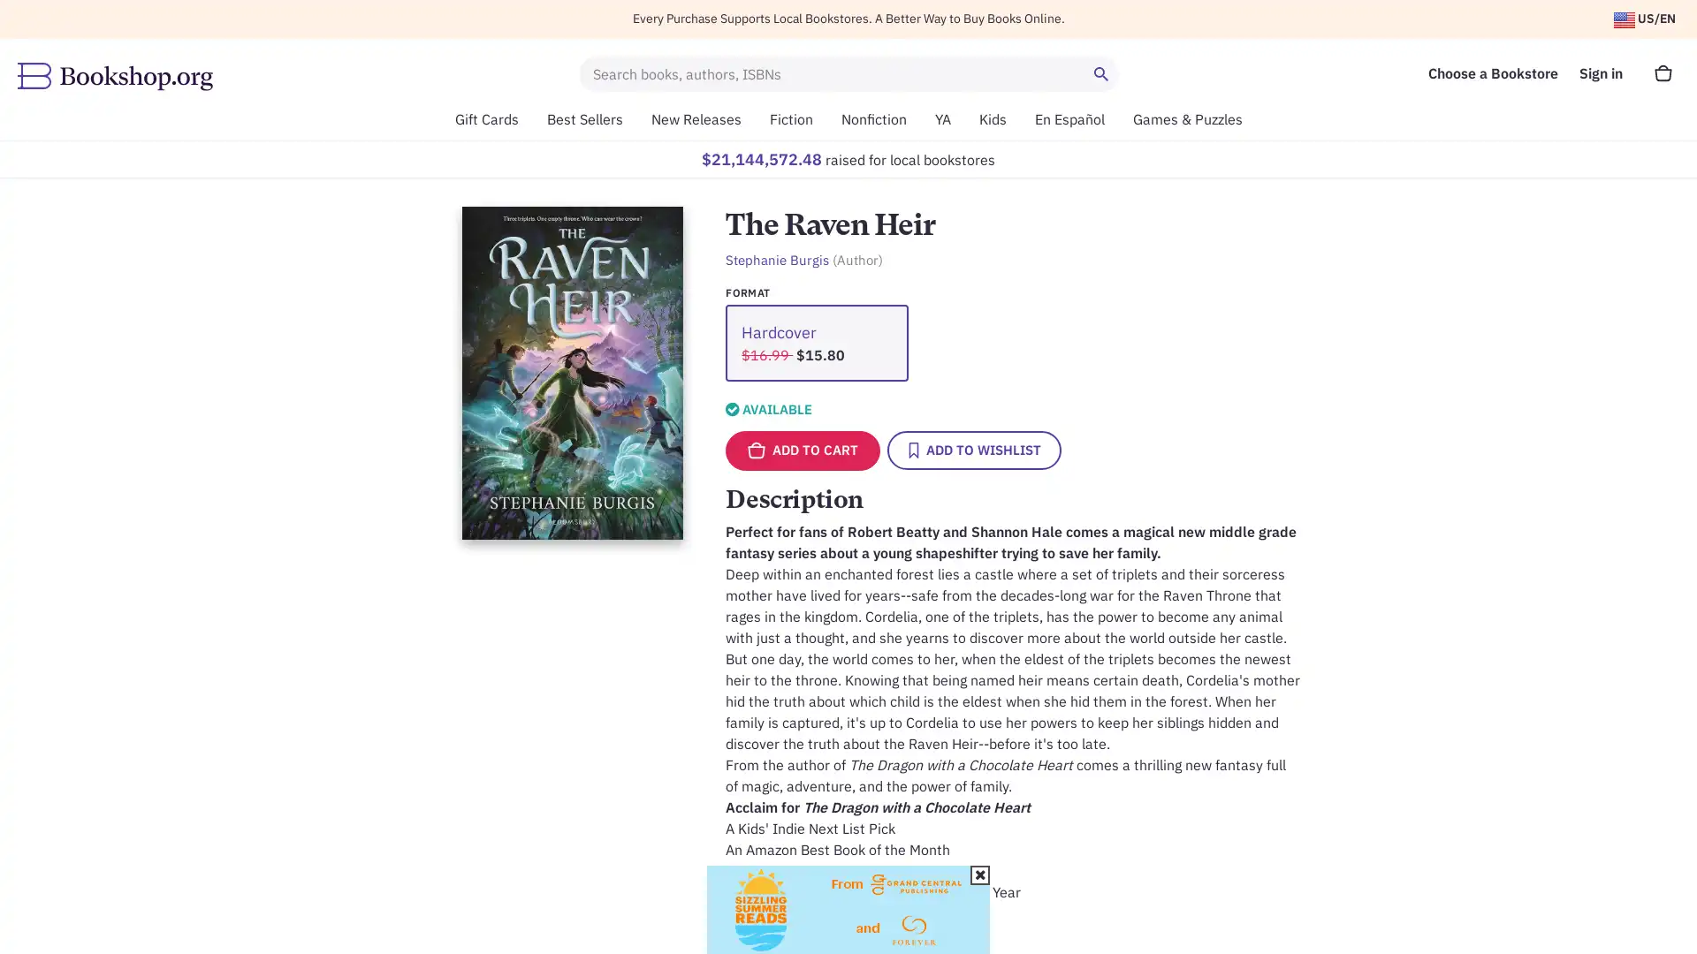 This screenshot has width=1697, height=954. What do you see at coordinates (802, 449) in the screenshot?
I see `ADD TO CART` at bounding box center [802, 449].